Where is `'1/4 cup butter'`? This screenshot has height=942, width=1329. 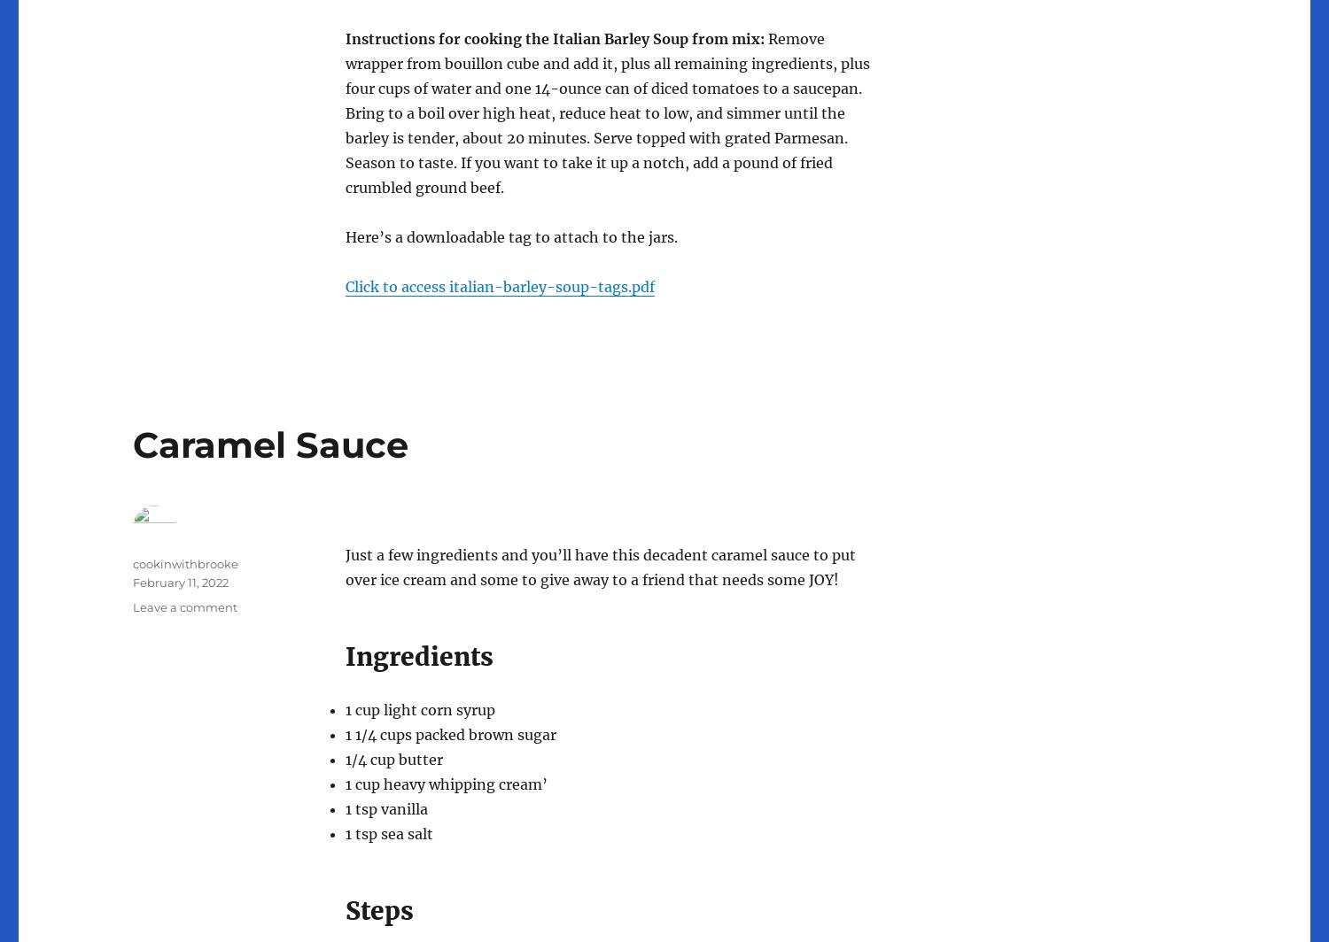 '1/4 cup butter' is located at coordinates (393, 759).